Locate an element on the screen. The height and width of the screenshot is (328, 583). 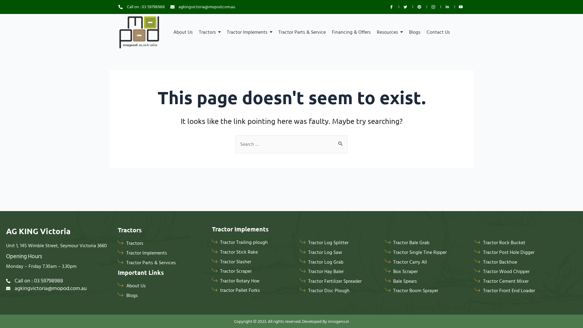
'Tractors' is located at coordinates (210, 32).